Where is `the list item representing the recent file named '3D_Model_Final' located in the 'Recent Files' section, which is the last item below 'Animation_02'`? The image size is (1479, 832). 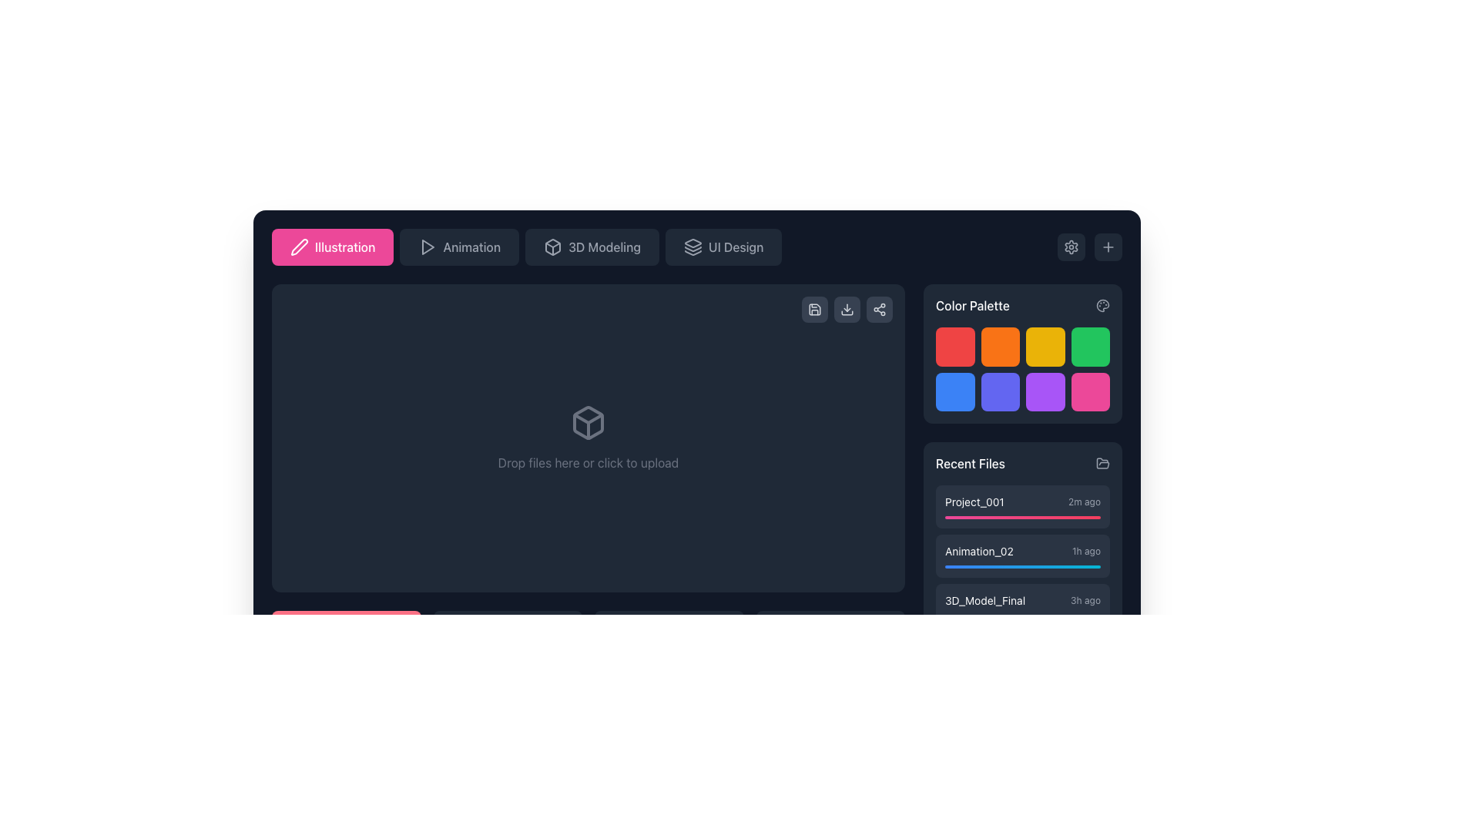 the list item representing the recent file named '3D_Model_Final' located in the 'Recent Files' section, which is the last item below 'Animation_02' is located at coordinates (1023, 599).